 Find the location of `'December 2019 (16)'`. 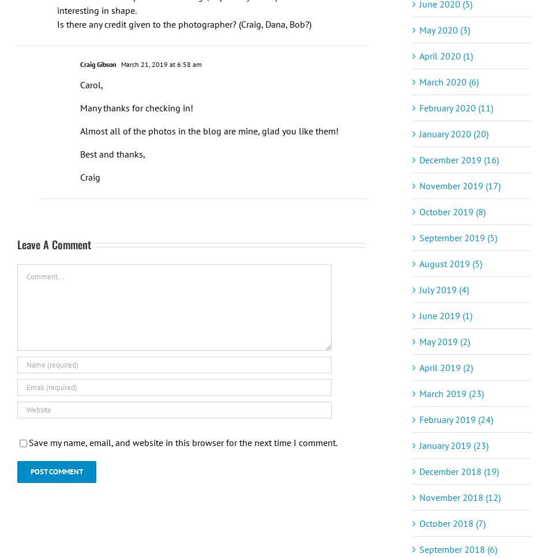

'December 2019 (16)' is located at coordinates (459, 158).